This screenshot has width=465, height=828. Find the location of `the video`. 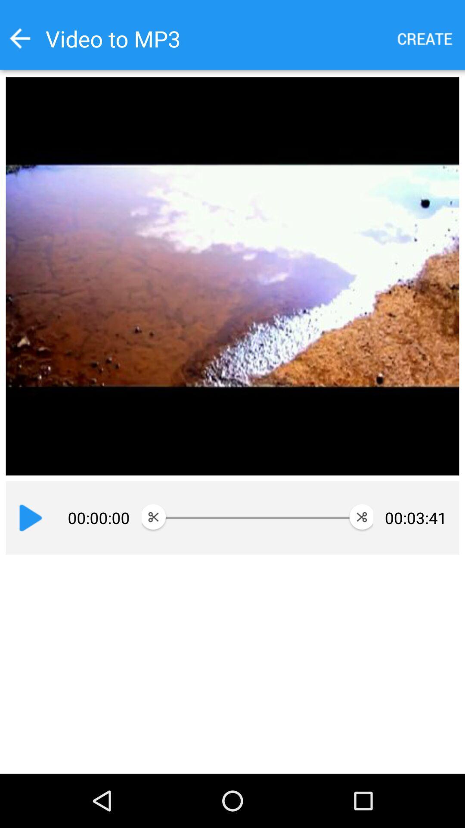

the video is located at coordinates (30, 517).